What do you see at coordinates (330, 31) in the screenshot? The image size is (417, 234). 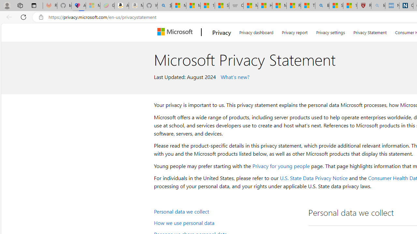 I see `'Privacy settings'` at bounding box center [330, 31].